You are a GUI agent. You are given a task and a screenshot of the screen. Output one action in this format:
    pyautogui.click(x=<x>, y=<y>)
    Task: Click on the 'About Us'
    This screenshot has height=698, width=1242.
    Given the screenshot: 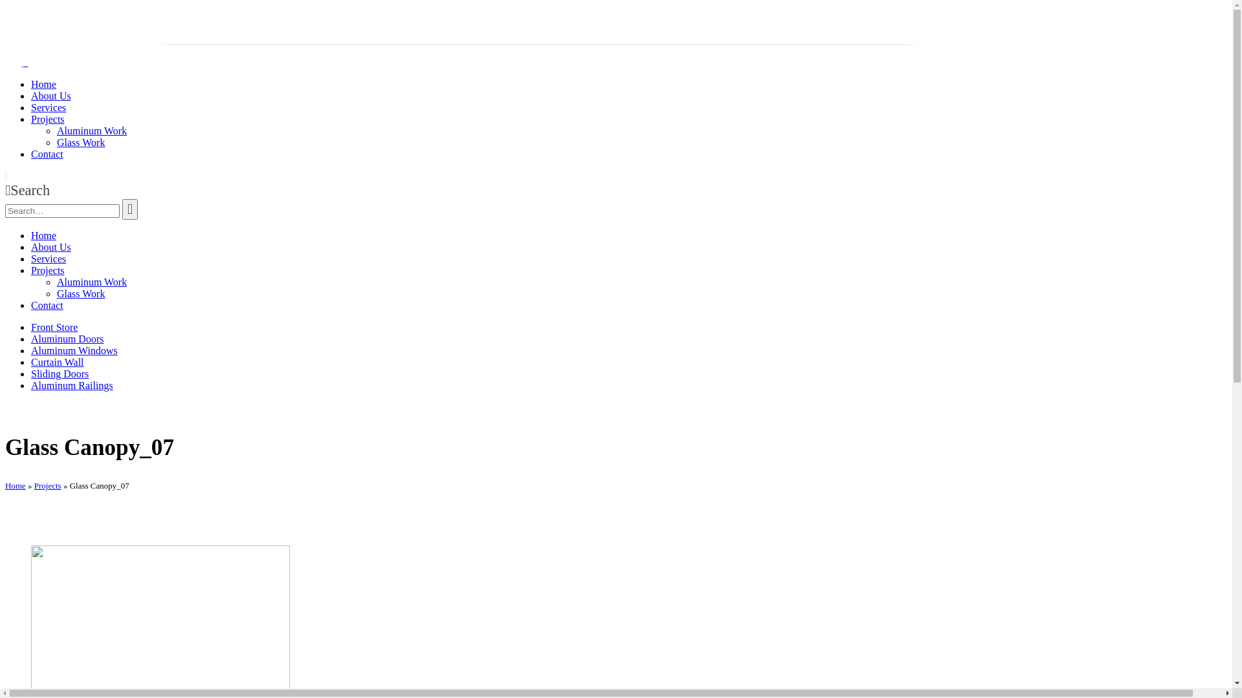 What is the action you would take?
    pyautogui.click(x=50, y=95)
    